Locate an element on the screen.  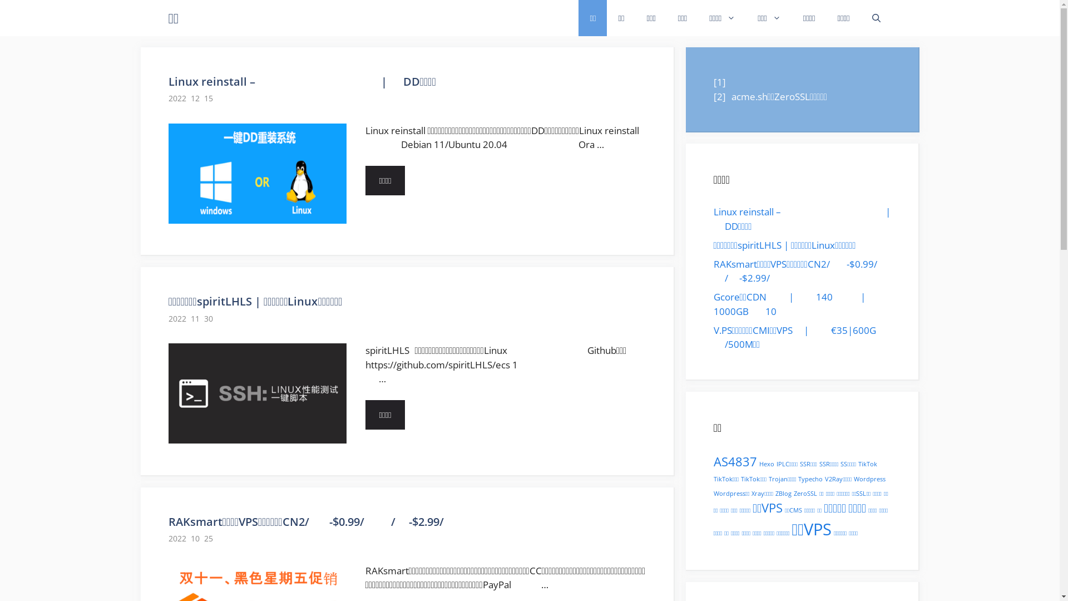
'Wordpress' is located at coordinates (869, 478).